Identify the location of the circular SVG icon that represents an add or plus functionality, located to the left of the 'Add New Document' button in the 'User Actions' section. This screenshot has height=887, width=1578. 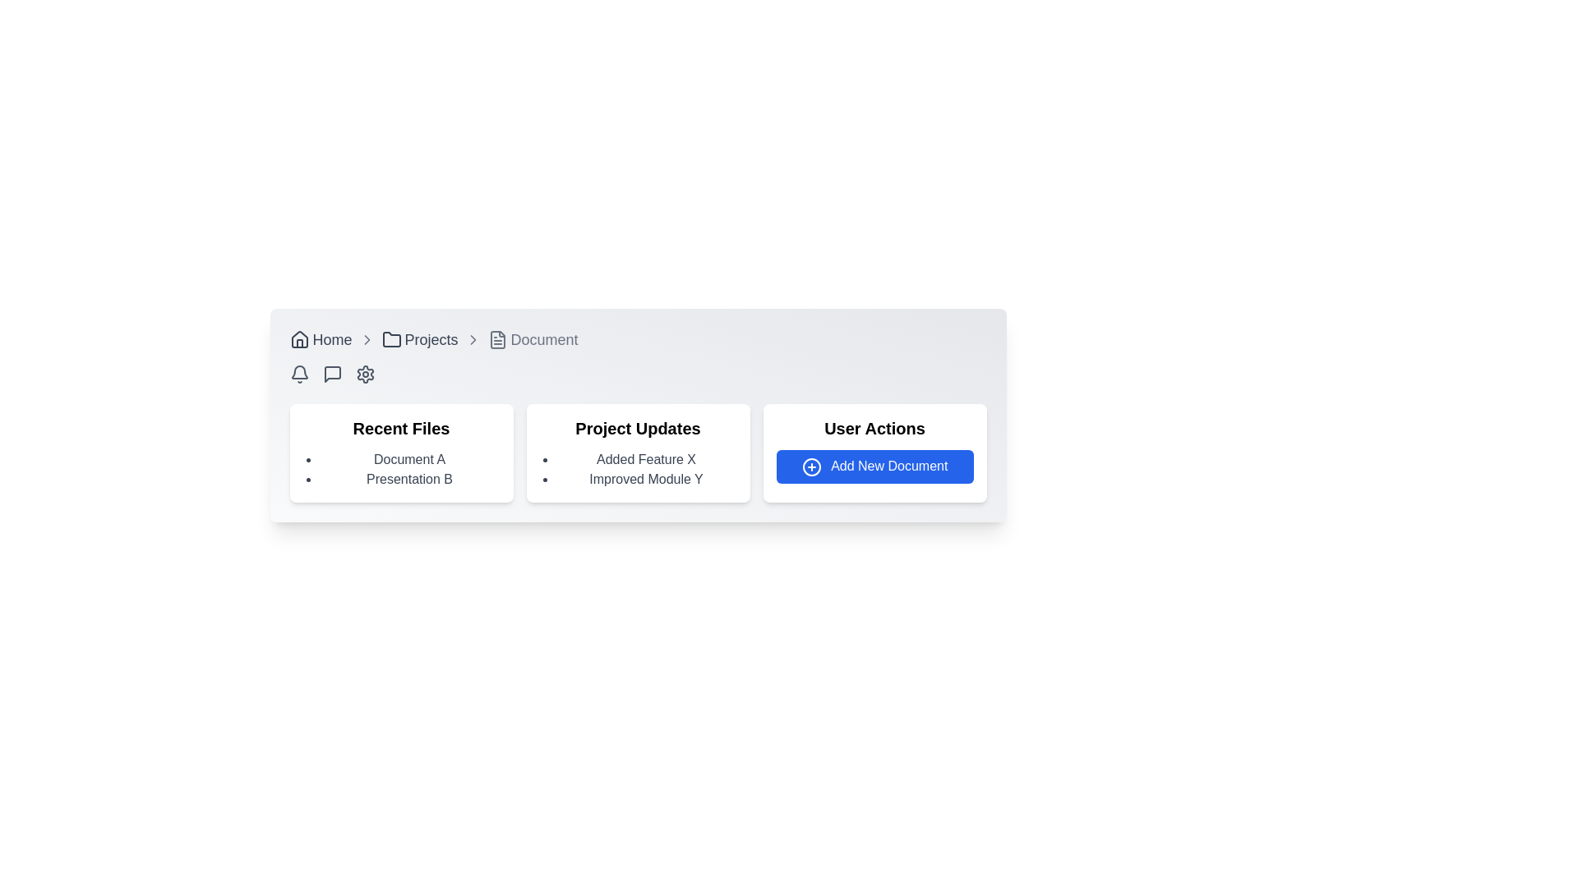
(811, 466).